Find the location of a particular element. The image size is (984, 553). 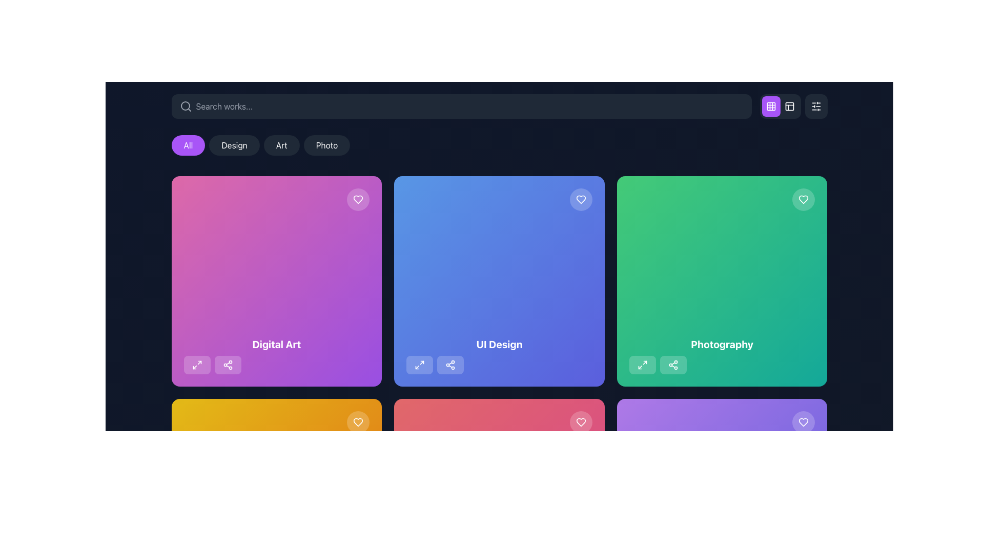

the share button with a circular icon depicting three connected nodes, located at the bottom right corner of the 'UI Design' card is located at coordinates (450, 364).